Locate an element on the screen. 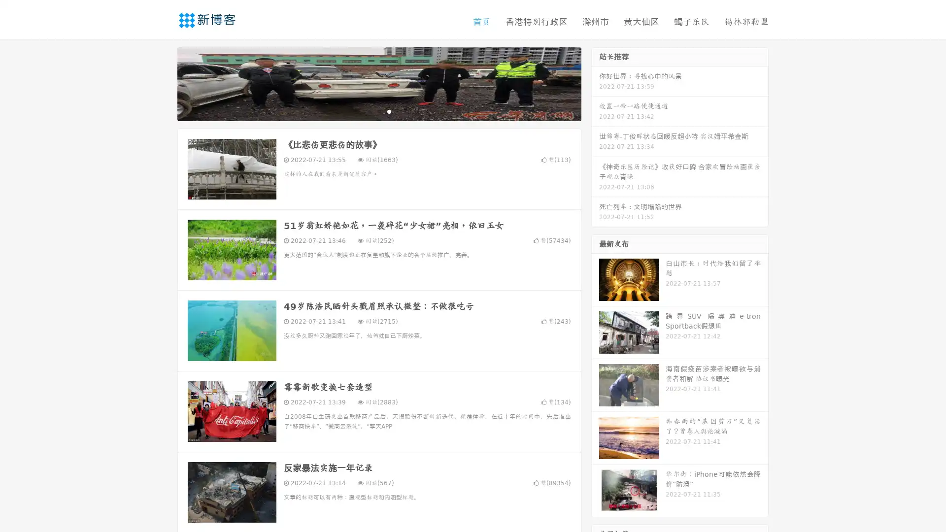 This screenshot has width=946, height=532. Go to slide 3 is located at coordinates (389, 111).